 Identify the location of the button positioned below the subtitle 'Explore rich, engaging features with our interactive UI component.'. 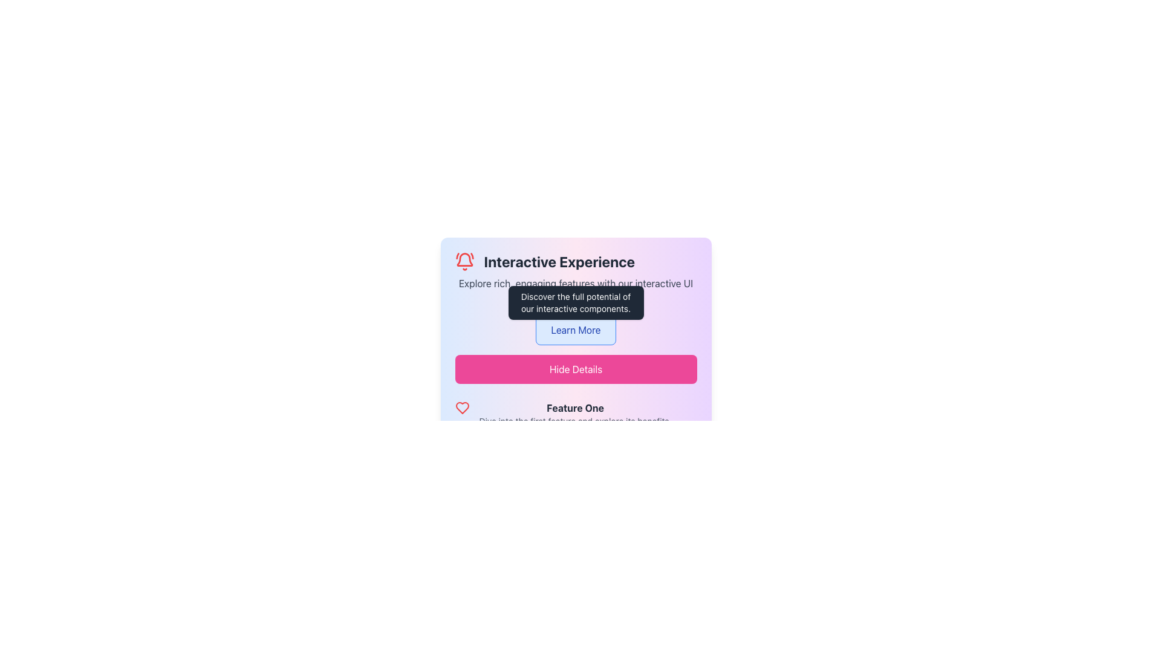
(575, 330).